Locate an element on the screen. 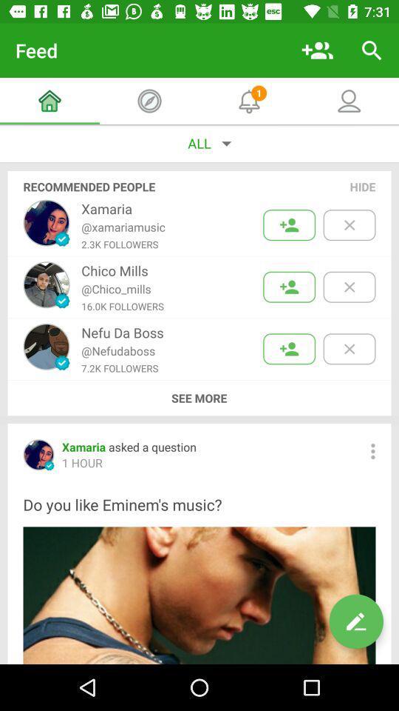 The width and height of the screenshot is (399, 711). hamburger button for options is located at coordinates (372, 450).